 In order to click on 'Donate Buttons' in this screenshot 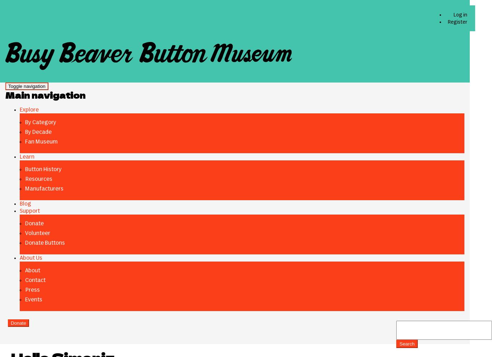, I will do `click(44, 242)`.